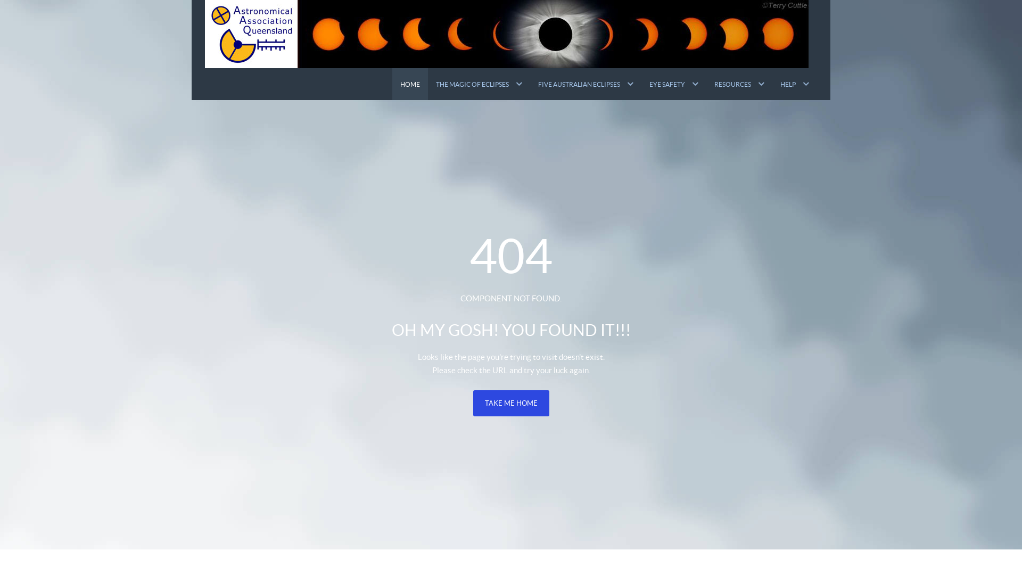  Describe the element at coordinates (772, 84) in the screenshot. I see `'HELP'` at that location.